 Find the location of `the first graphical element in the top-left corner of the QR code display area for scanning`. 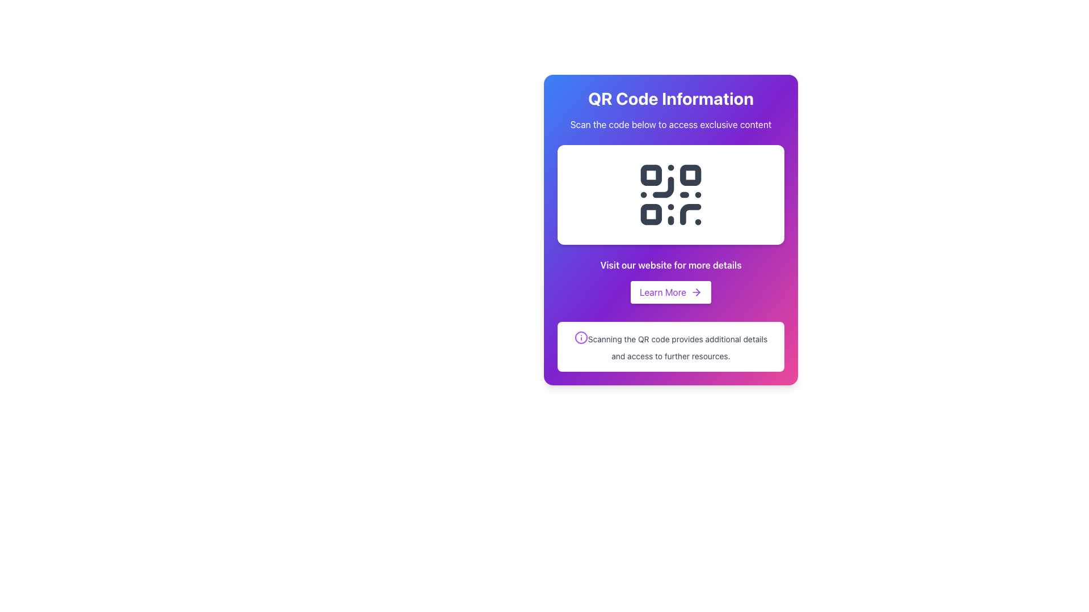

the first graphical element in the top-left corner of the QR code display area for scanning is located at coordinates (651, 175).